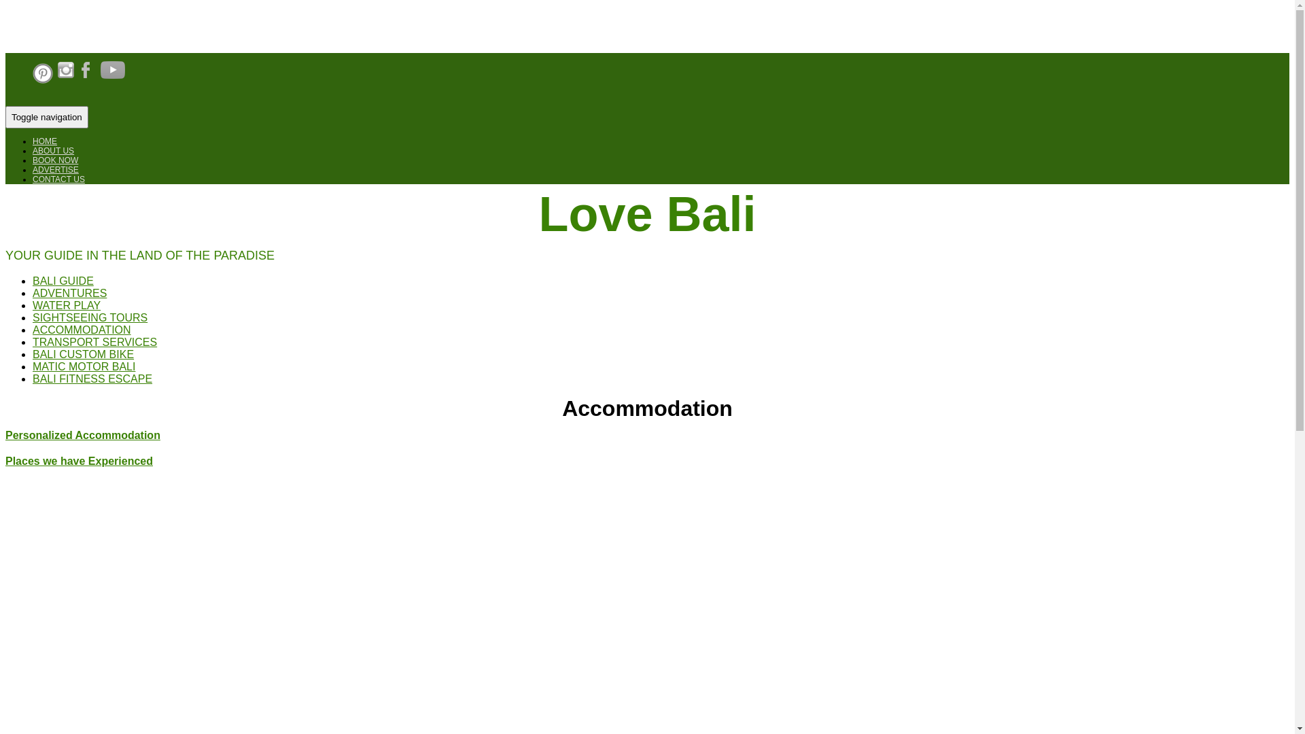 Image resolution: width=1305 pixels, height=734 pixels. What do you see at coordinates (42, 81) in the screenshot?
I see `'Open Pinterest'` at bounding box center [42, 81].